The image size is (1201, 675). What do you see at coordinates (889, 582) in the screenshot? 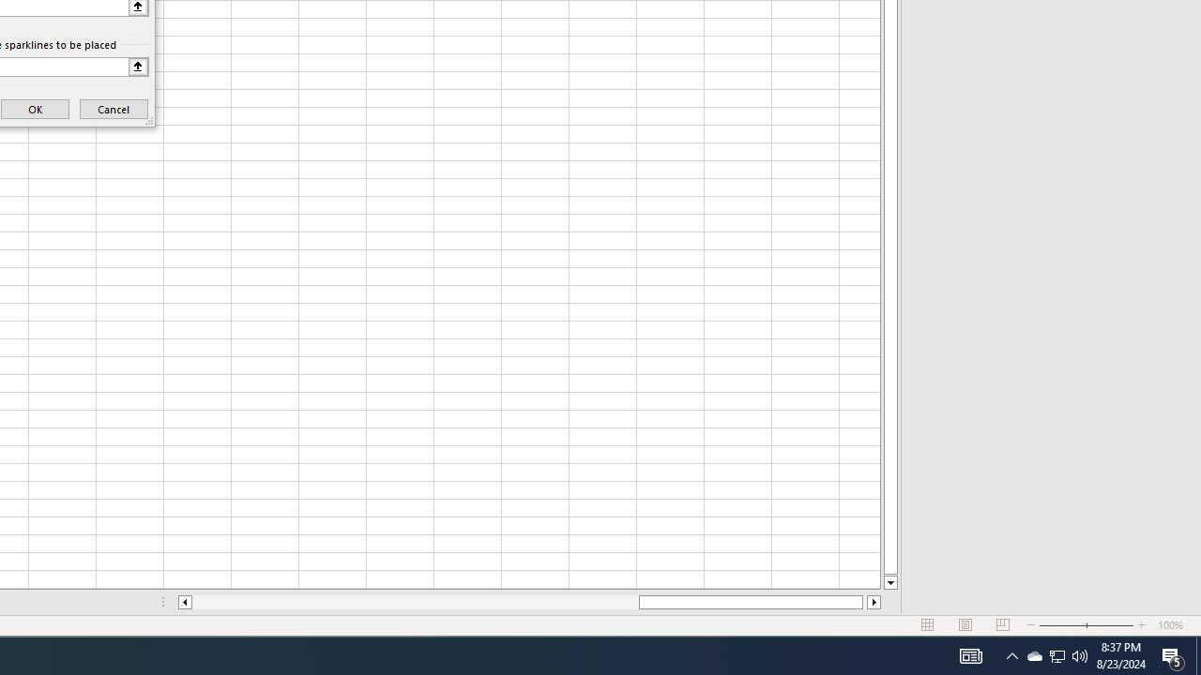
I see `'Line down'` at bounding box center [889, 582].